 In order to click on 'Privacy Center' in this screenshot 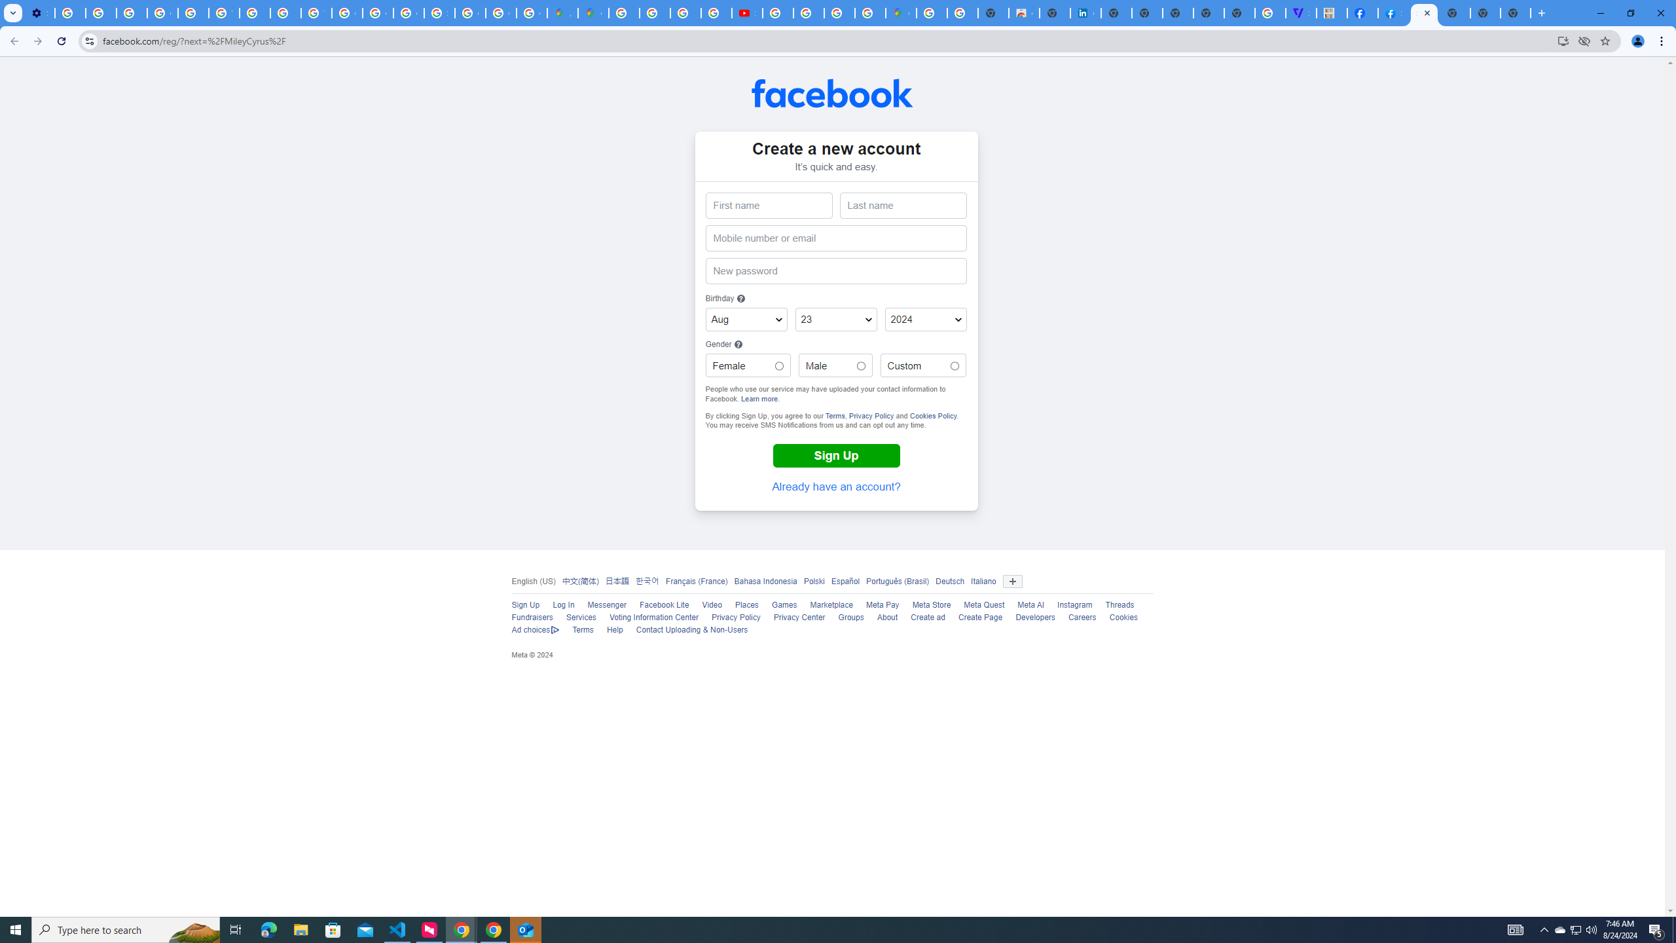, I will do `click(799, 617)`.